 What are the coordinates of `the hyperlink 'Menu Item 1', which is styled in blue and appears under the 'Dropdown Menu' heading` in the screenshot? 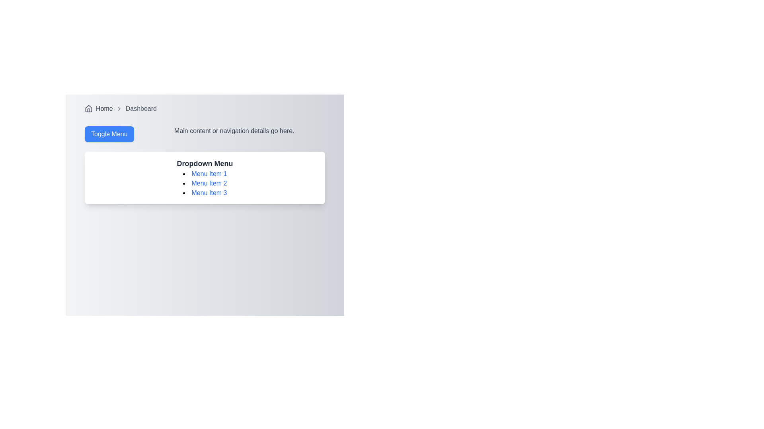 It's located at (209, 173).